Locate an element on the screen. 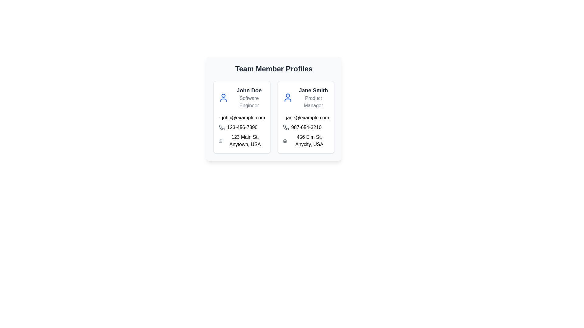 This screenshot has height=328, width=584. the phone icon located in the right profile card, beneath the name 'Jane Smith' and next to the phone number '987-654-3210' is located at coordinates (285, 127).